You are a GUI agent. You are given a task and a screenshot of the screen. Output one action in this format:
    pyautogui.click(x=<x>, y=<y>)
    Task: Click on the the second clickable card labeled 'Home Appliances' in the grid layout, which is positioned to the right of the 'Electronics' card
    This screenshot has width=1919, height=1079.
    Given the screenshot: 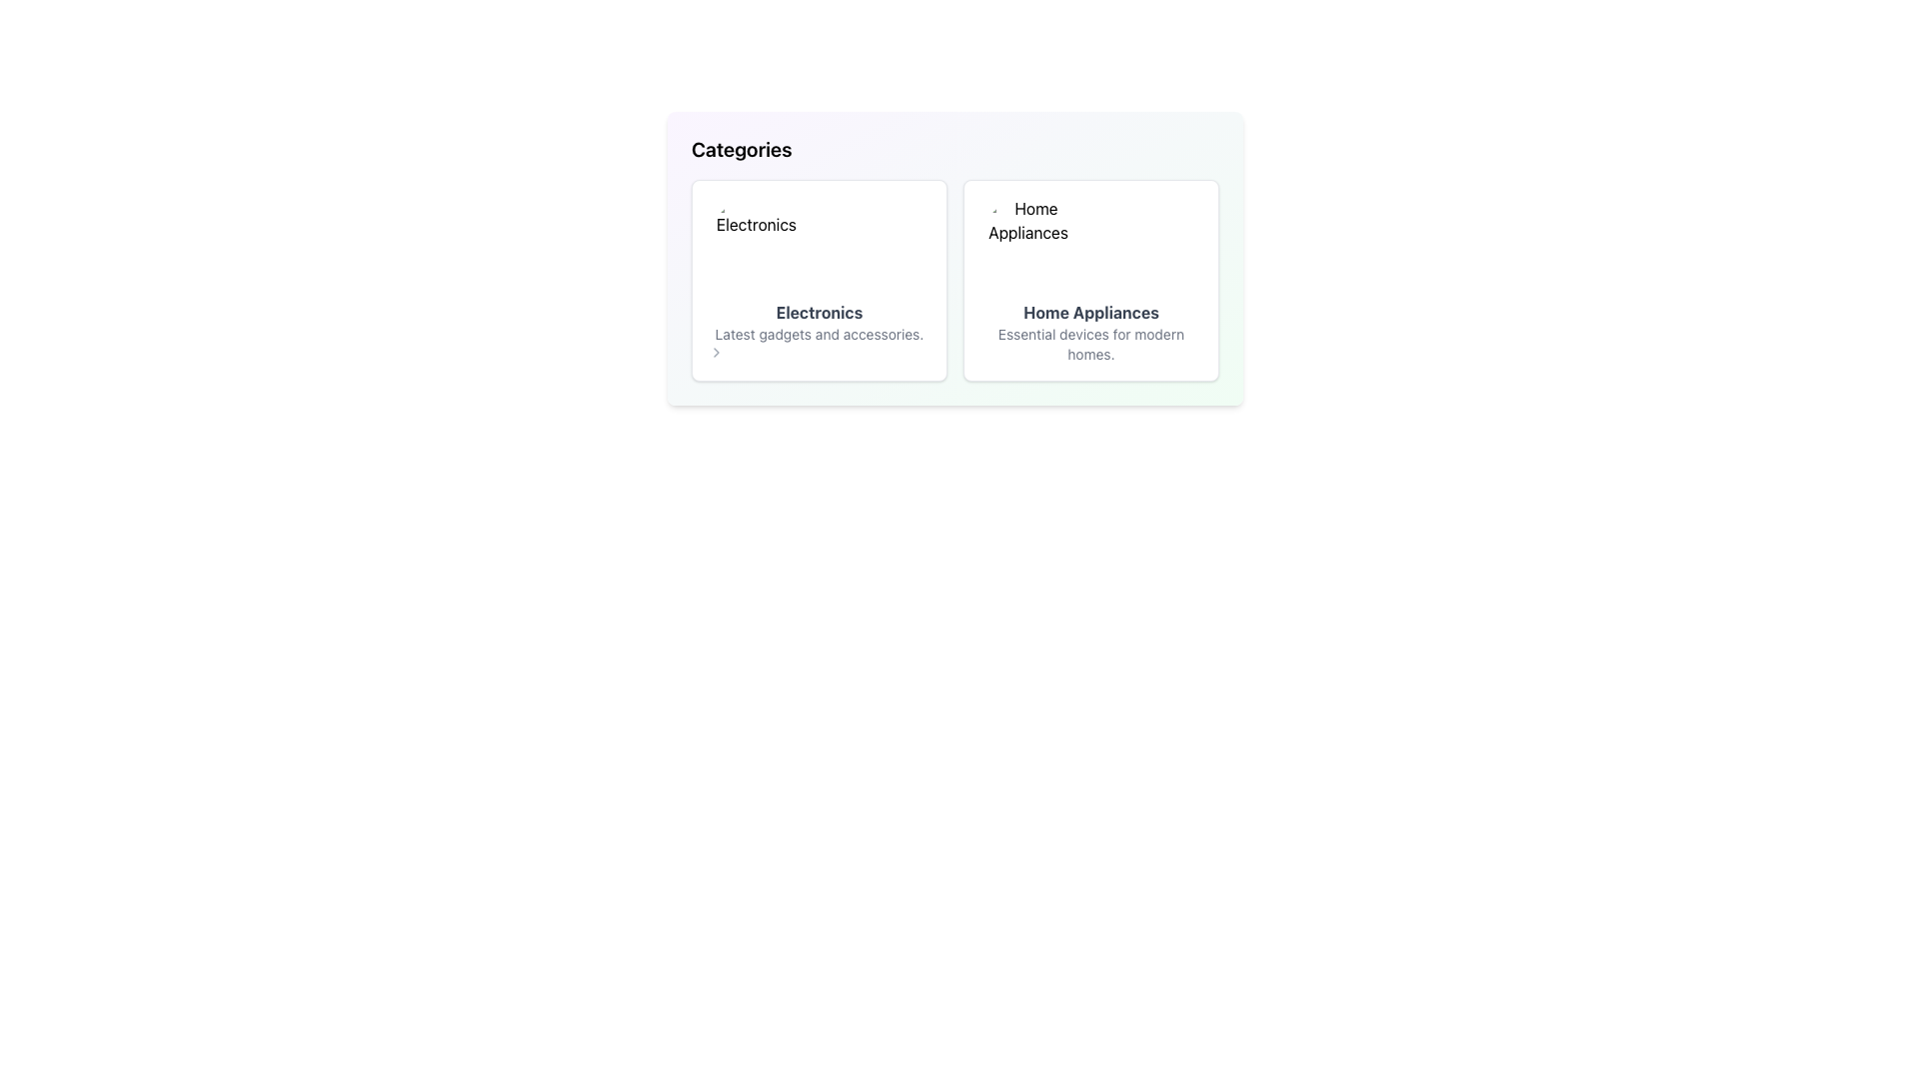 What is the action you would take?
    pyautogui.click(x=1089, y=281)
    